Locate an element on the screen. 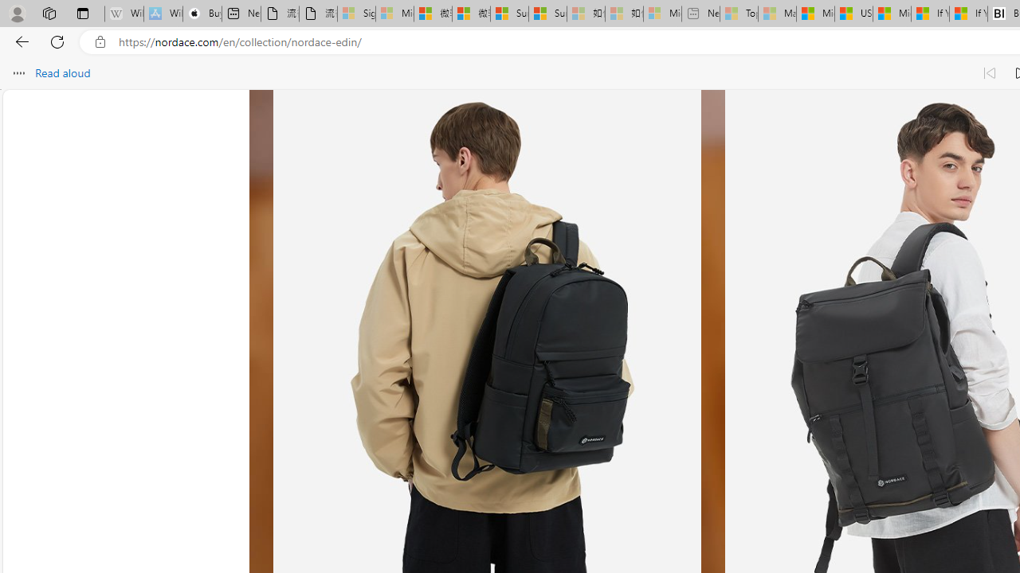 The width and height of the screenshot is (1020, 573). 'Personal Profile' is located at coordinates (17, 13).